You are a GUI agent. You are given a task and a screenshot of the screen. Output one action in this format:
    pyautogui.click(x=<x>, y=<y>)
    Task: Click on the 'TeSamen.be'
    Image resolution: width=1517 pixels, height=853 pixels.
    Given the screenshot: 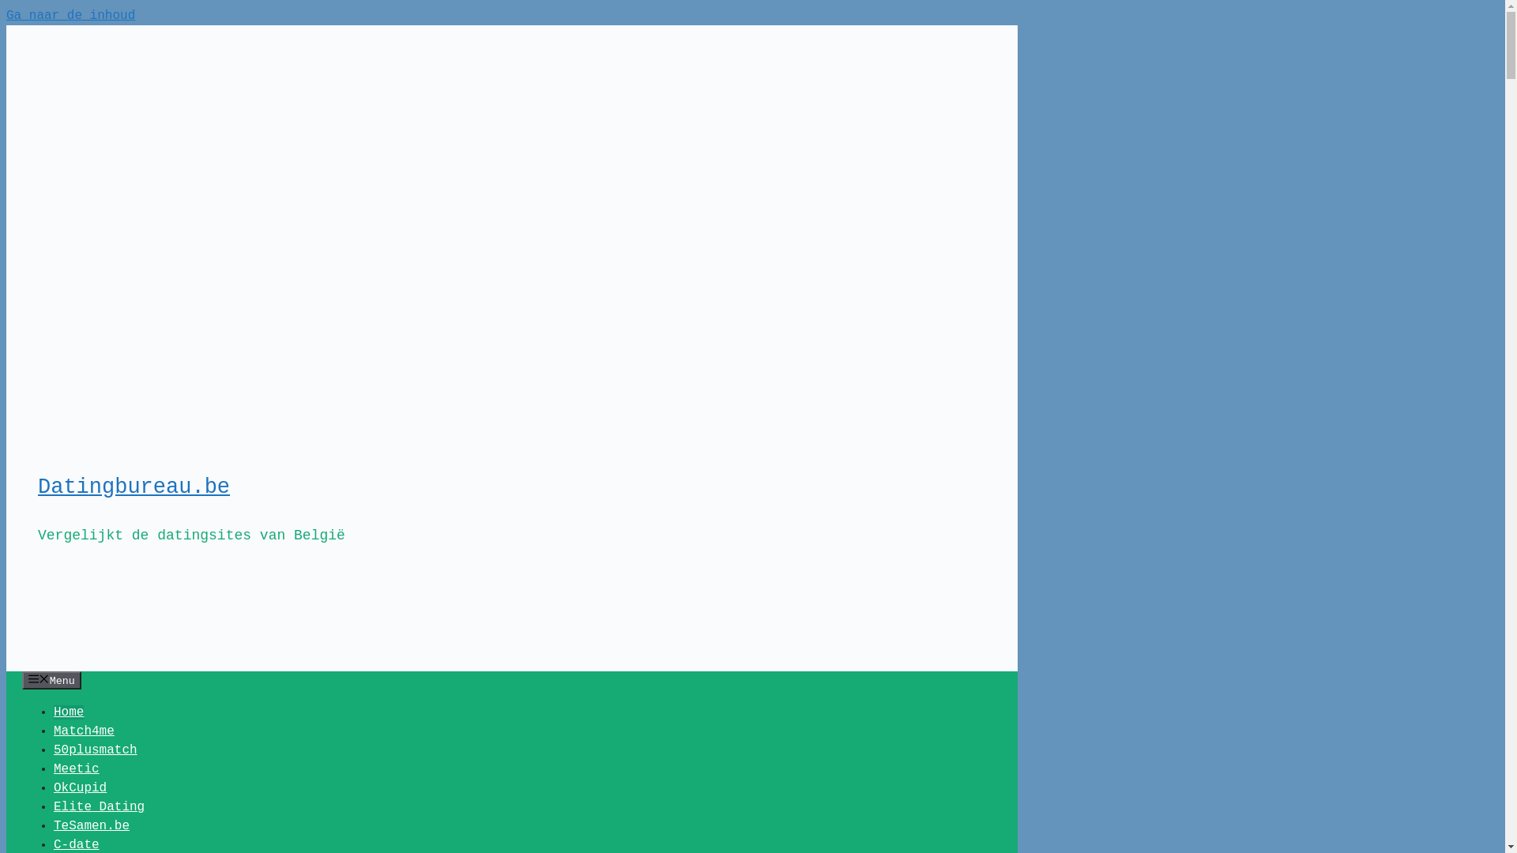 What is the action you would take?
    pyautogui.click(x=90, y=825)
    